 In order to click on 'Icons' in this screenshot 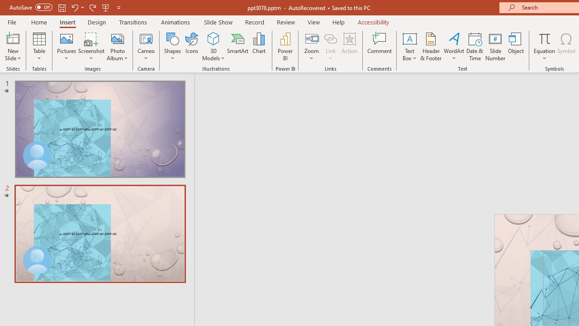, I will do `click(191, 47)`.